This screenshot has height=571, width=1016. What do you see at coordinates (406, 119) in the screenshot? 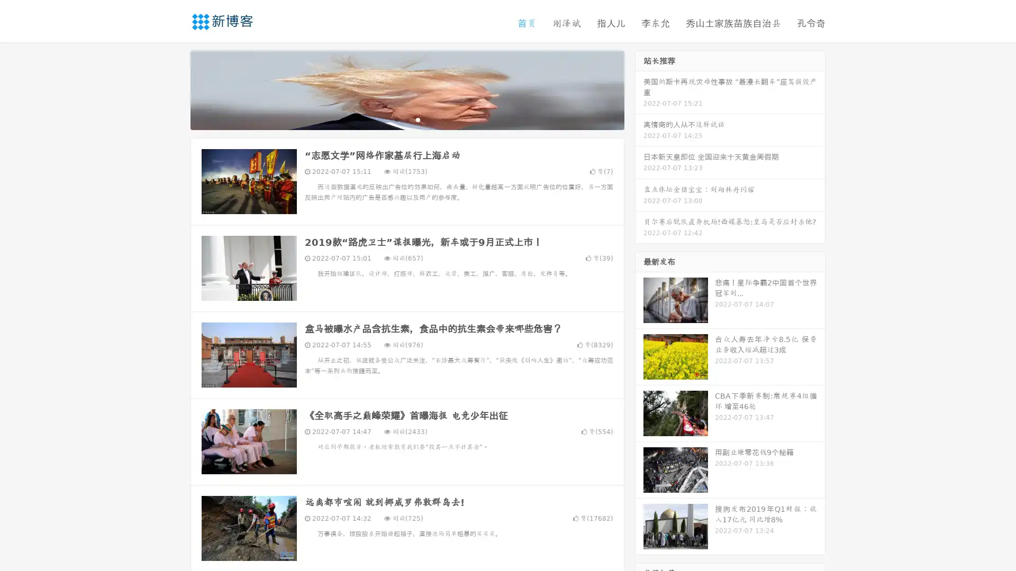
I see `Go to slide 2` at bounding box center [406, 119].